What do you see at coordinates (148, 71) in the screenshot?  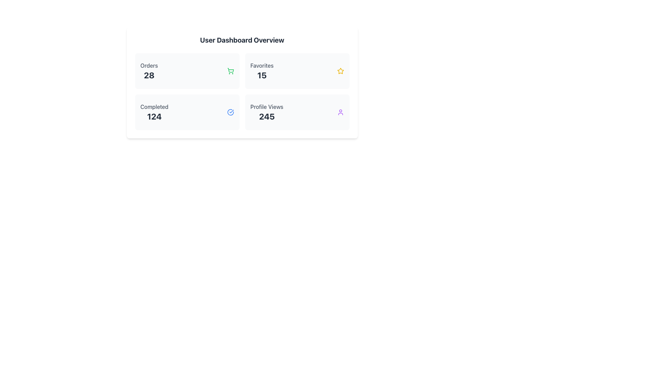 I see `the Statistical summary display component that shows 'Orders' in a smaller gray font and '28' in a larger, bold black font, located inside a white card with rounded corners` at bounding box center [148, 71].